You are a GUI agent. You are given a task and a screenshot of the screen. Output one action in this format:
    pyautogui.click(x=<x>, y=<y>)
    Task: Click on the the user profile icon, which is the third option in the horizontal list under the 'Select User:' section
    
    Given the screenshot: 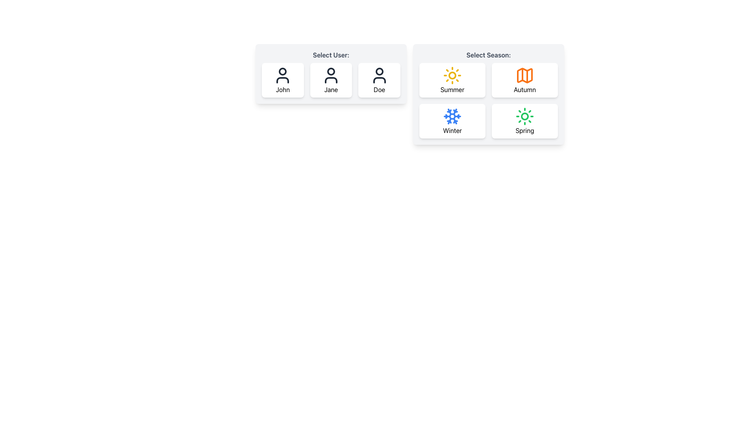 What is the action you would take?
    pyautogui.click(x=379, y=76)
    